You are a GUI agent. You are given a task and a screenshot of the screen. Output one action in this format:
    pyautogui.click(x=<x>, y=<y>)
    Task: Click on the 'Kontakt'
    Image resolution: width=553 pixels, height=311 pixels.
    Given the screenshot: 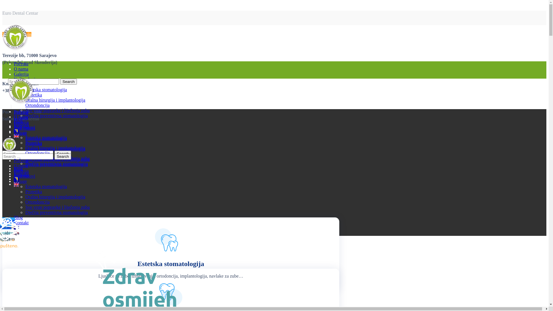 What is the action you would take?
    pyautogui.click(x=14, y=175)
    